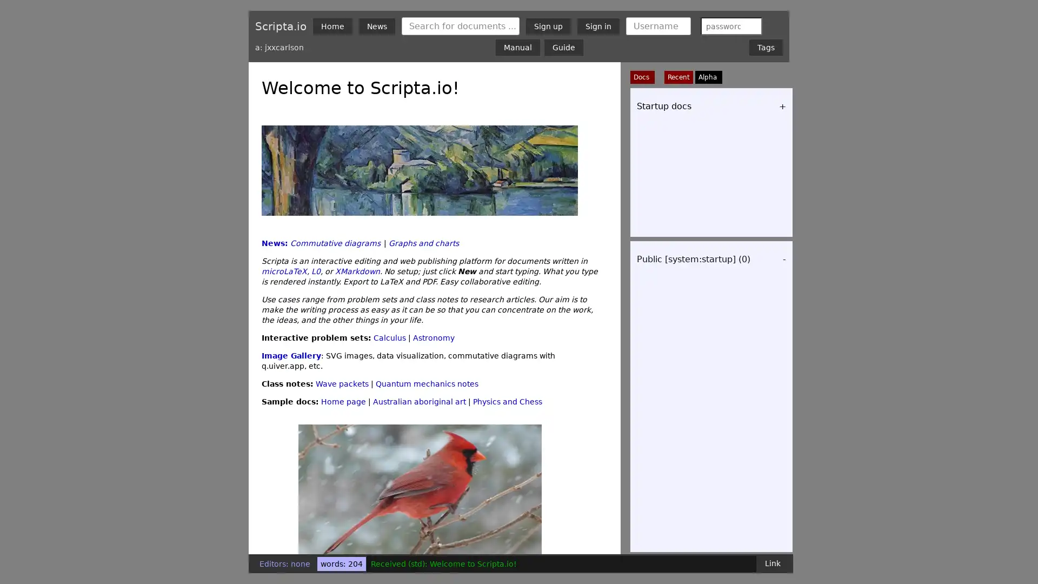 This screenshot has width=1038, height=584. What do you see at coordinates (693, 259) in the screenshot?
I see `Public [system:startup] (0)` at bounding box center [693, 259].